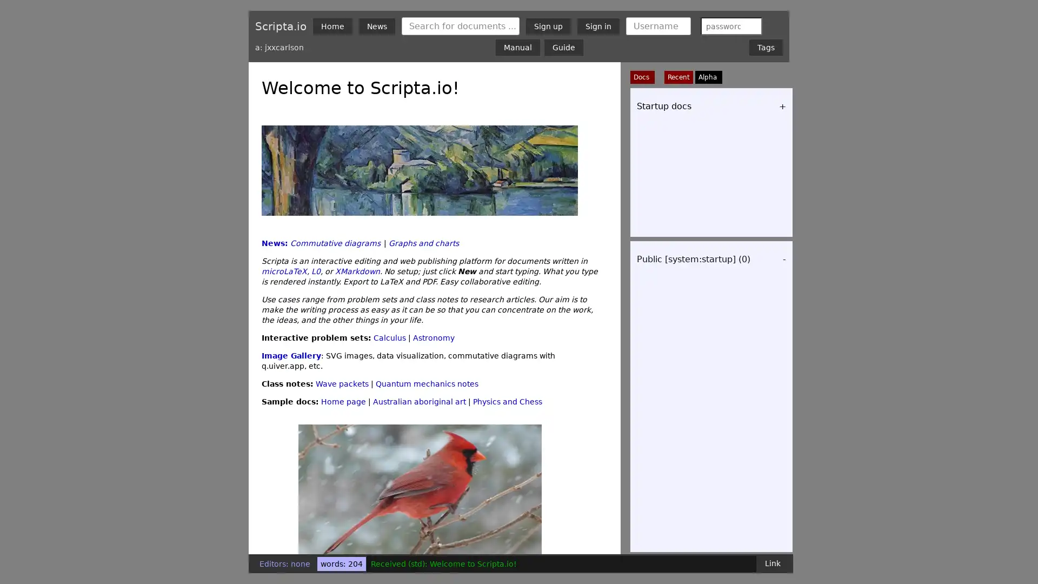 This screenshot has width=1038, height=584. What do you see at coordinates (693, 259) in the screenshot?
I see `Public [system:startup] (0)` at bounding box center [693, 259].